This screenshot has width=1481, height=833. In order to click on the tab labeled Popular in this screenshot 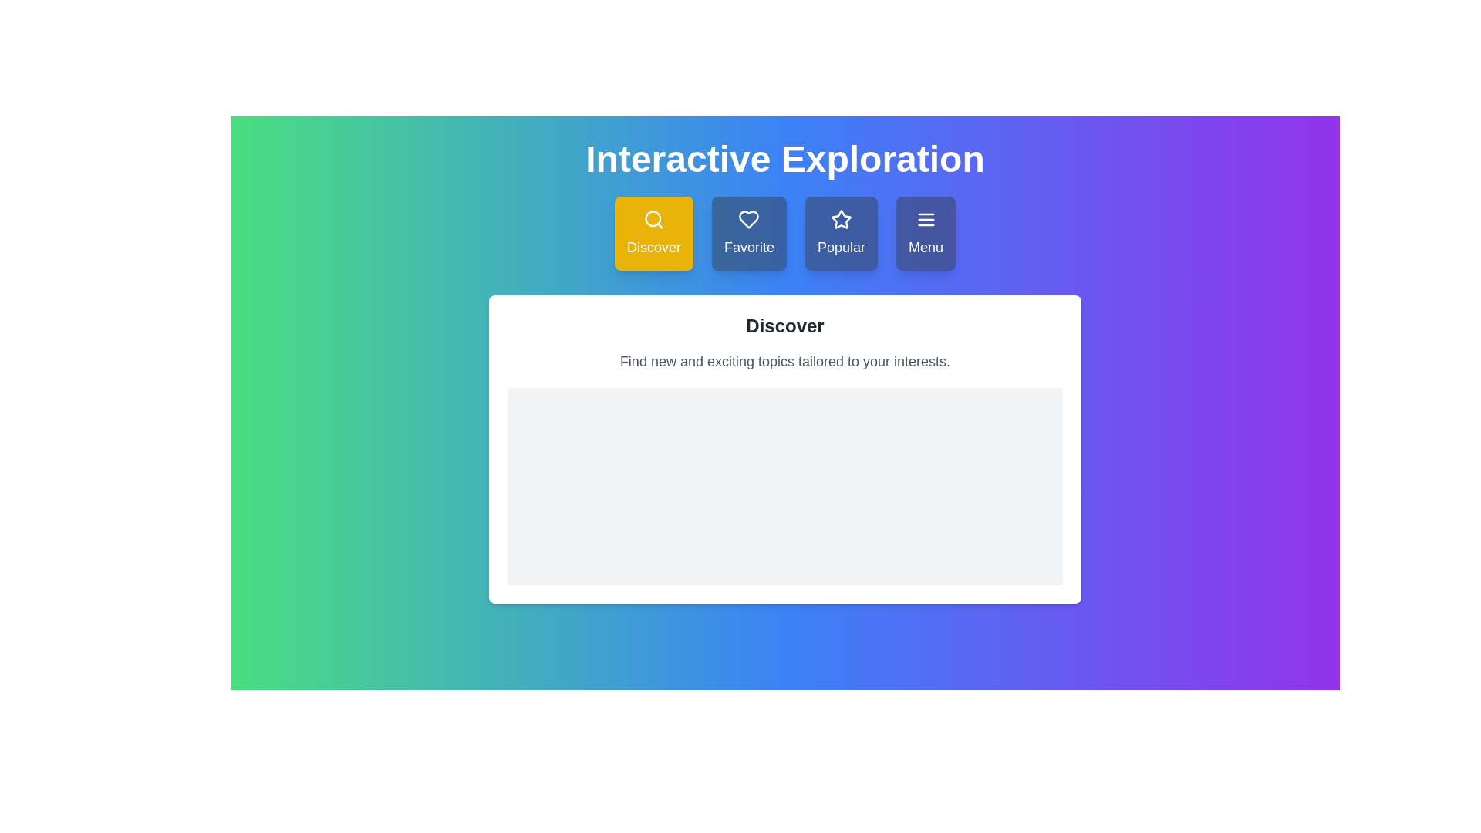, I will do `click(840, 234)`.